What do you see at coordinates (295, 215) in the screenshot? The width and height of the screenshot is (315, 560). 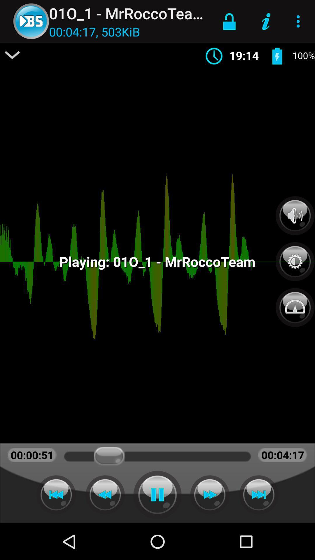 I see `volume` at bounding box center [295, 215].